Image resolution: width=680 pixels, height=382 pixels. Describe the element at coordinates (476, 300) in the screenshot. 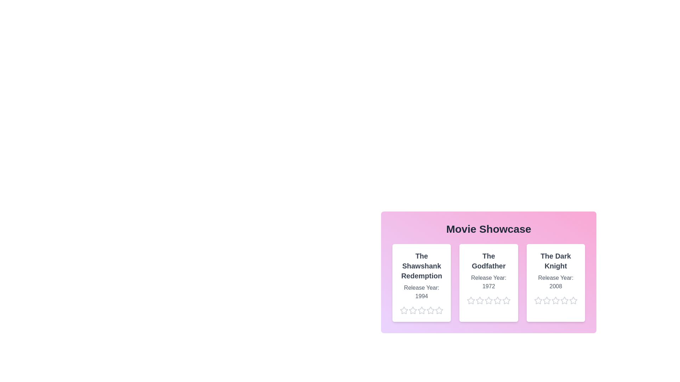

I see `the star corresponding to 2 stars for the movie The Godfather` at that location.